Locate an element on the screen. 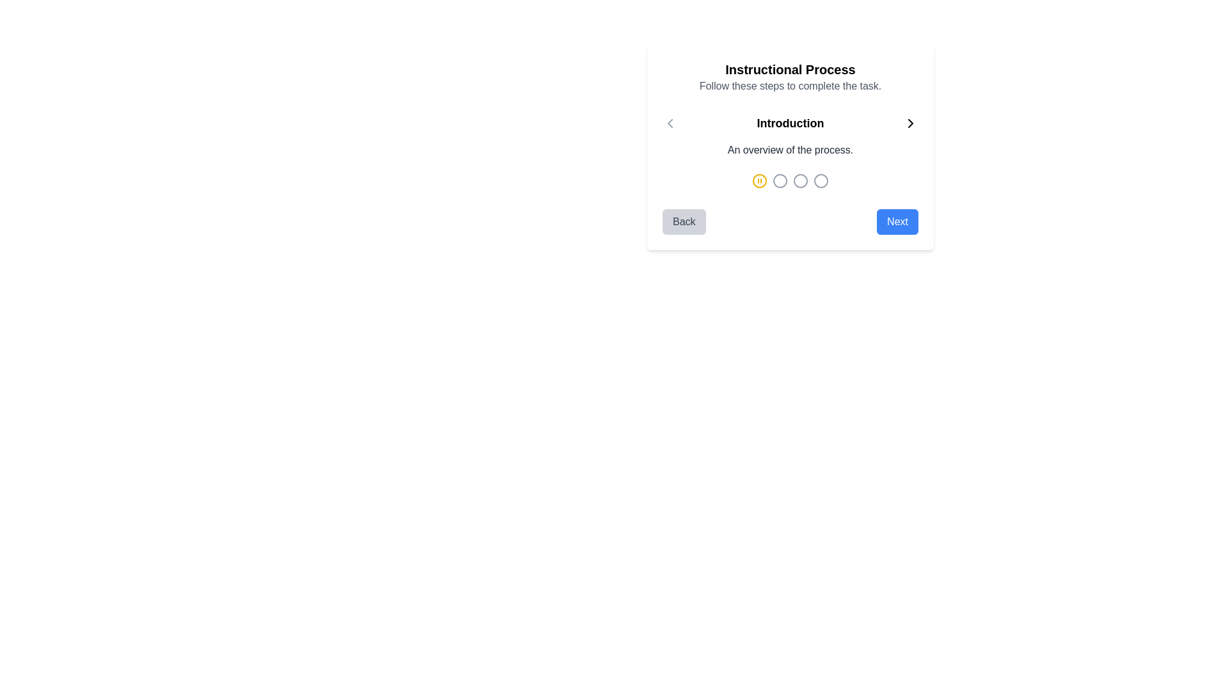  the chevron icon located at the top-right of the modal, adjacent to the 'Introduction' text is located at coordinates (910, 123).